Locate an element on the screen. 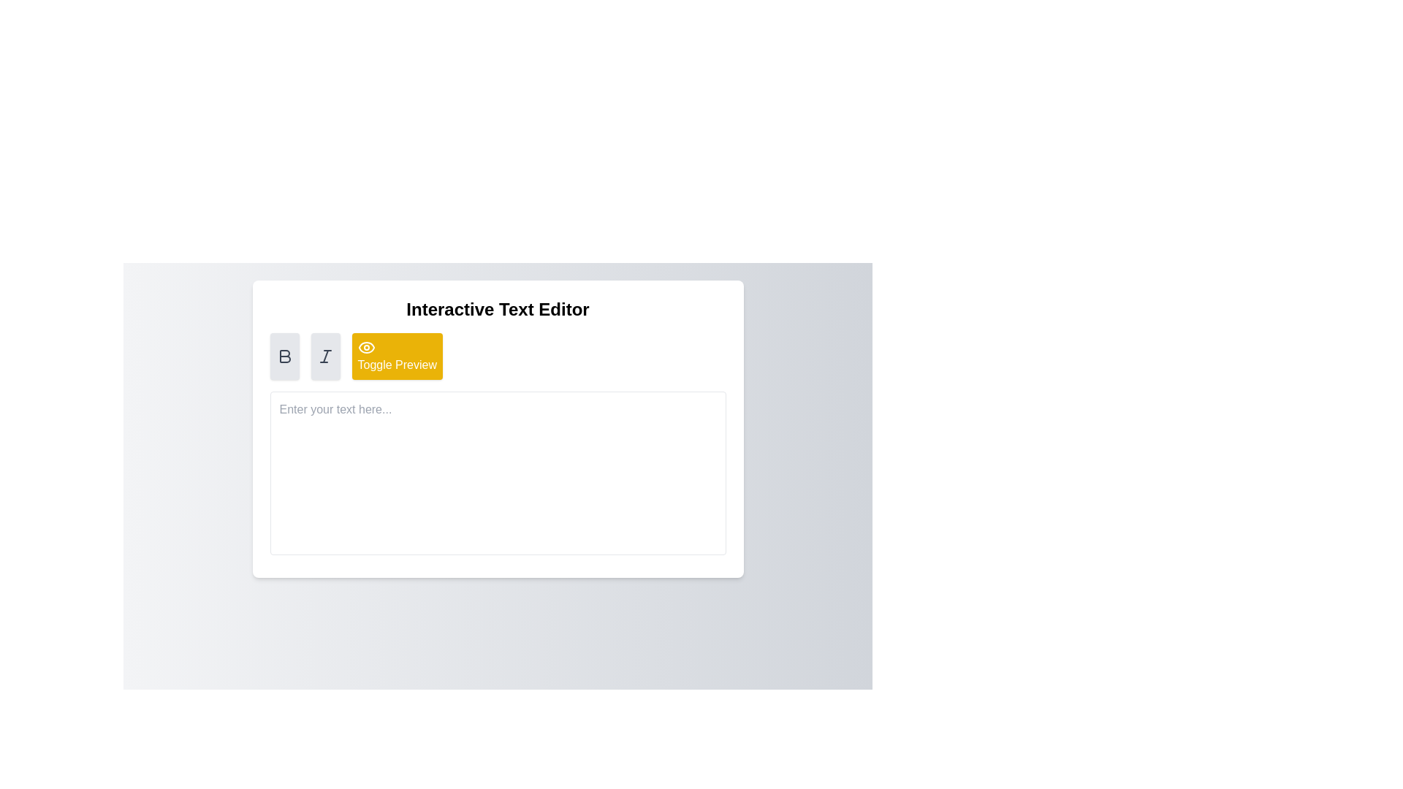 This screenshot has width=1403, height=789. the bold formatting button located in the upper-left segment of the text formatting panel is located at coordinates (284, 357).